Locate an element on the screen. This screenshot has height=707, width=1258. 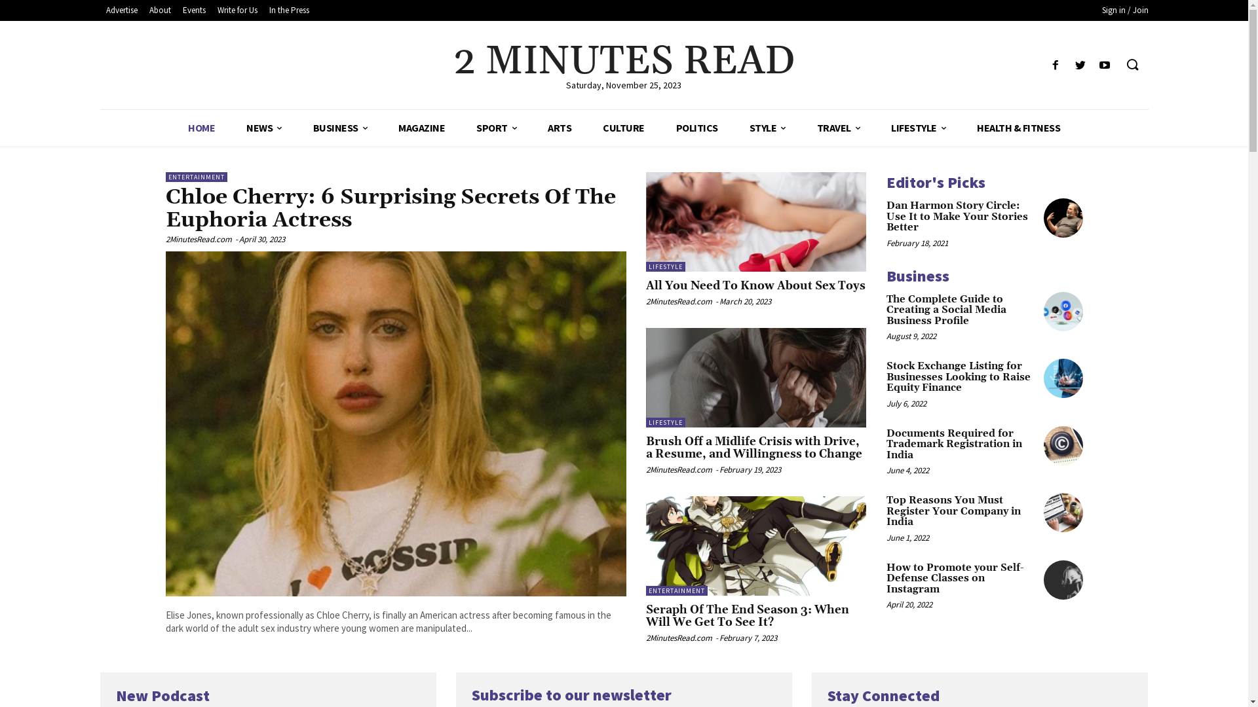
'Advertise' is located at coordinates (99, 10).